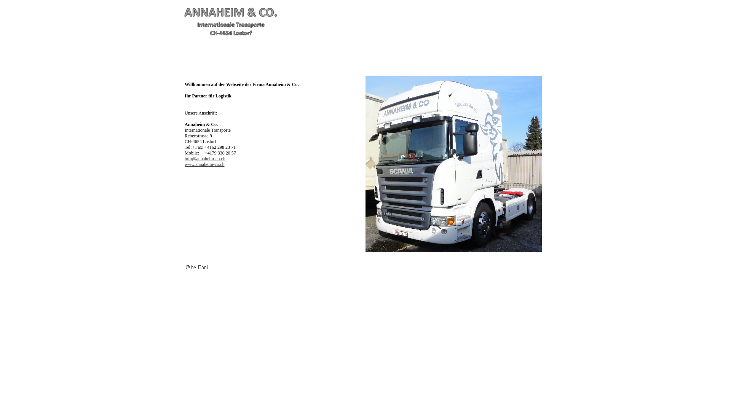 This screenshot has width=731, height=411. I want to click on 'www.annaheim-co.ch', so click(204, 164).